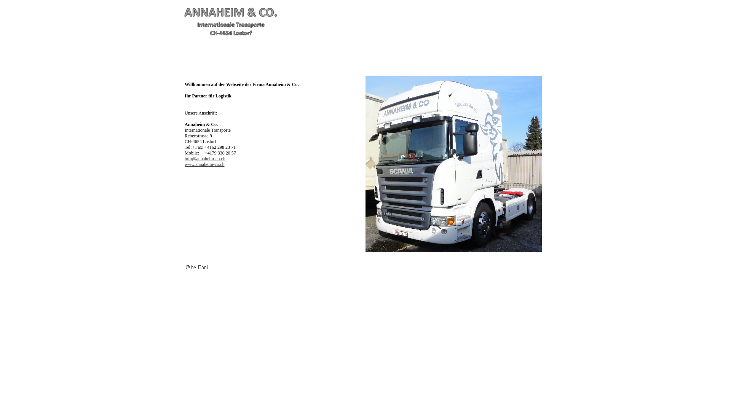 This screenshot has width=731, height=411. I want to click on 'www.annaheim-co.ch', so click(204, 164).